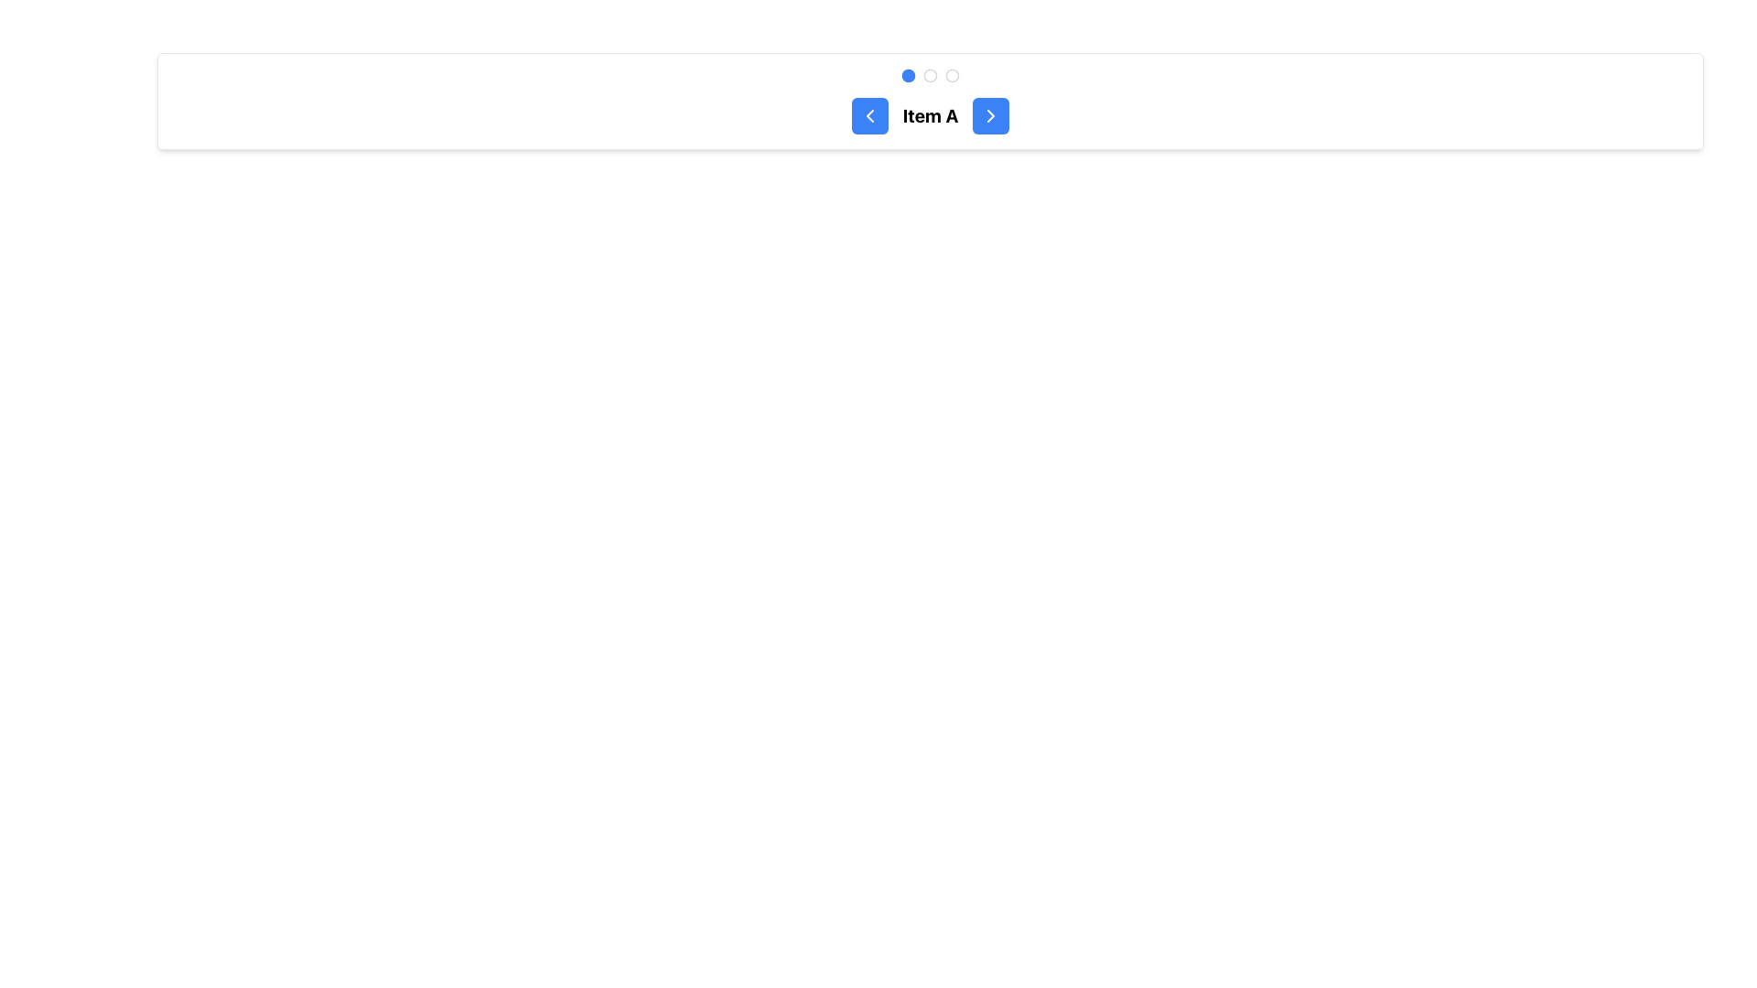 The height and width of the screenshot is (988, 1757). Describe the element at coordinates (931, 116) in the screenshot. I see `the bold, extra-large font title displaying 'Item A' located centrally in the navigation bar at the top of the interface` at that location.